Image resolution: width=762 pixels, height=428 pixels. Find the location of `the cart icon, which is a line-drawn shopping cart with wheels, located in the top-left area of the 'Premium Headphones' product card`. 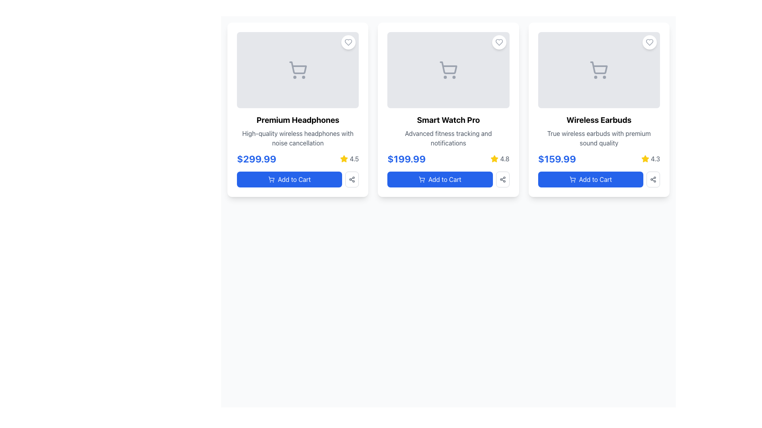

the cart icon, which is a line-drawn shopping cart with wheels, located in the top-left area of the 'Premium Headphones' product card is located at coordinates (297, 70).